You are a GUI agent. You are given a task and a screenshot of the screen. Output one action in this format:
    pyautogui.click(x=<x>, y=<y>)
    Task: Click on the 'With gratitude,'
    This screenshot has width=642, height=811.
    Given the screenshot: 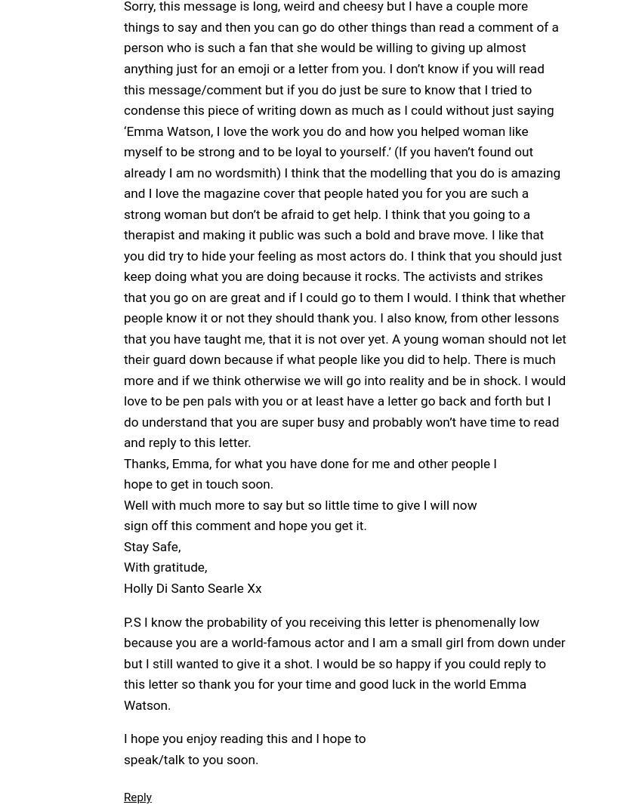 What is the action you would take?
    pyautogui.click(x=165, y=567)
    